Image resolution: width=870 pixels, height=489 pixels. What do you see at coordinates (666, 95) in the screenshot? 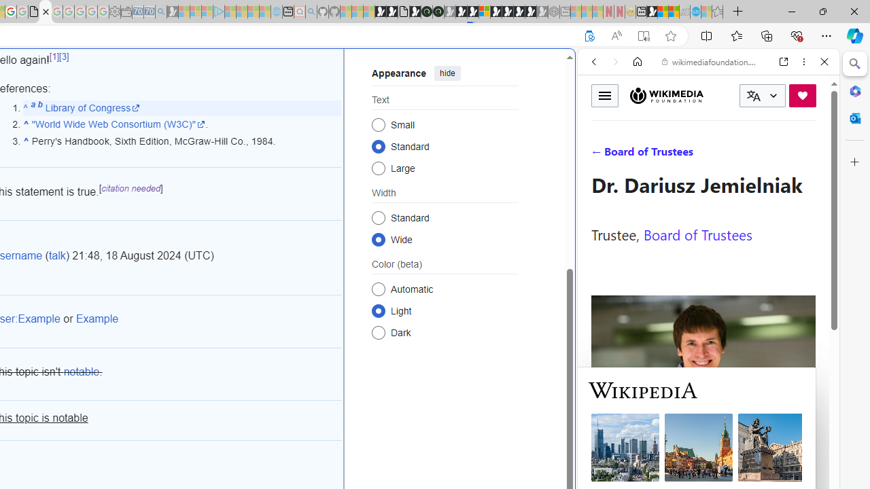
I see `'Wikimedia Foundation'` at bounding box center [666, 95].